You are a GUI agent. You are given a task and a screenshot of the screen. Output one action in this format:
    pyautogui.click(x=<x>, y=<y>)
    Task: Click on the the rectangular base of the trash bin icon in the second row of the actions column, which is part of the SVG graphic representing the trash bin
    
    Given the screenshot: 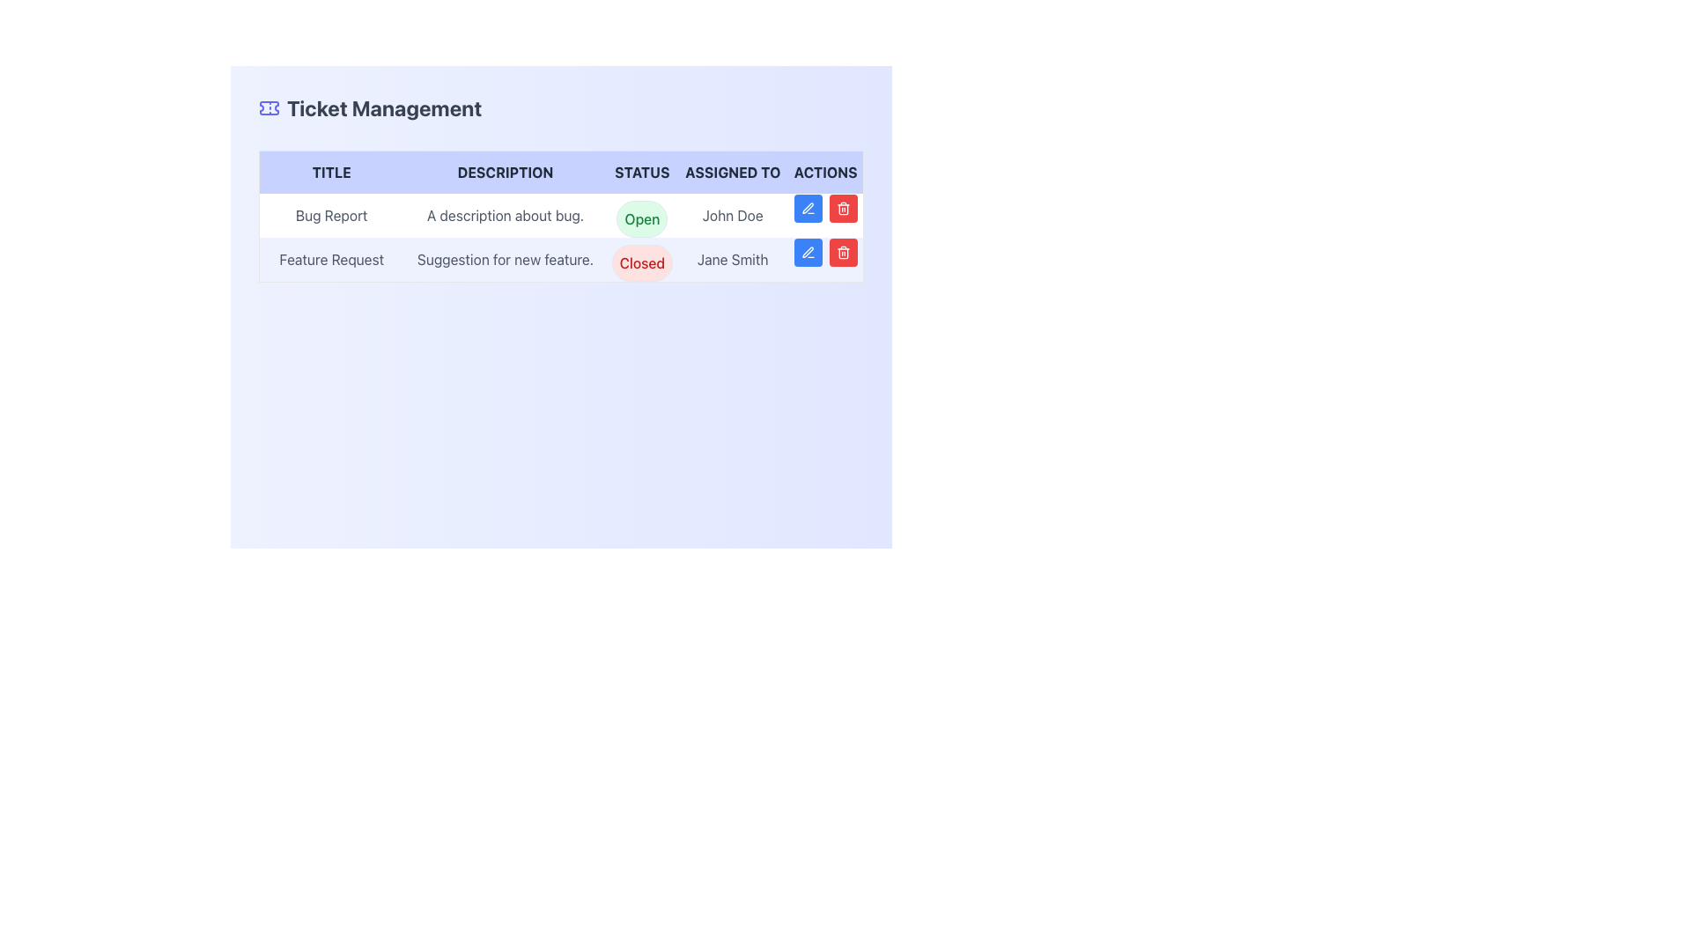 What is the action you would take?
    pyautogui.click(x=842, y=209)
    